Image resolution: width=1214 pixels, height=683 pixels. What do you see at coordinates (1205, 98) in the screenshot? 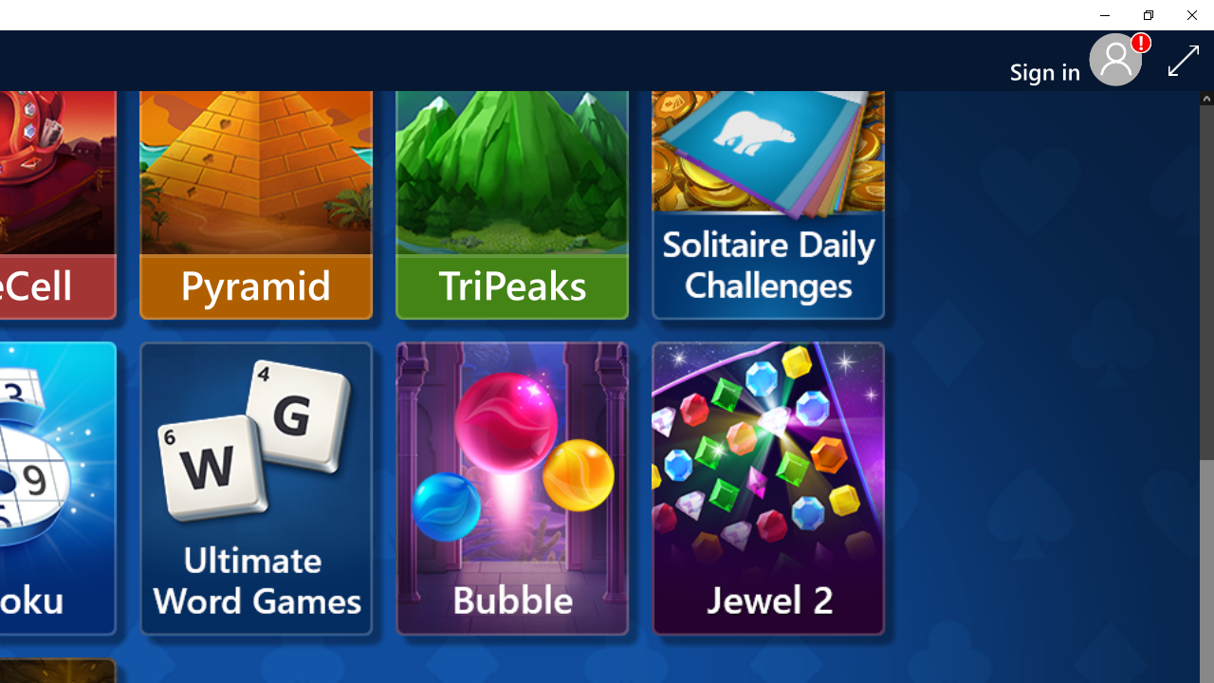
I see `'AutomationID: up_arrow_0'` at bounding box center [1205, 98].